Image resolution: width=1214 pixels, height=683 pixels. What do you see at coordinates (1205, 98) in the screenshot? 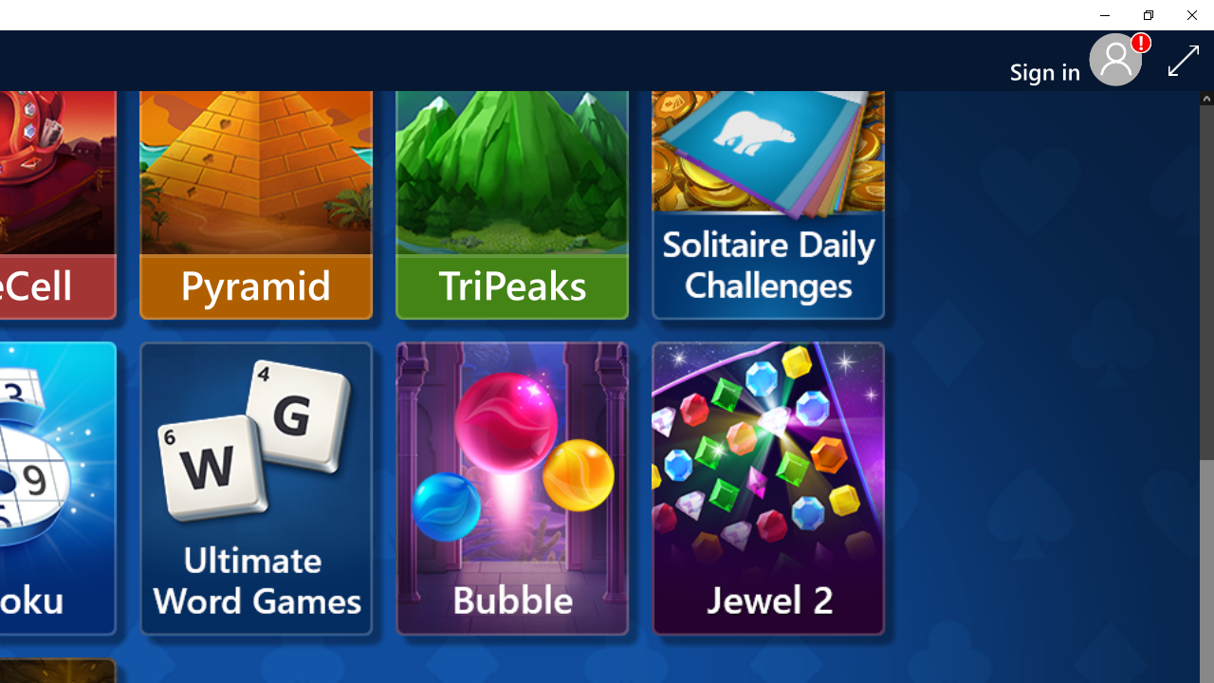
I see `'AutomationID: up_arrow_0'` at bounding box center [1205, 98].